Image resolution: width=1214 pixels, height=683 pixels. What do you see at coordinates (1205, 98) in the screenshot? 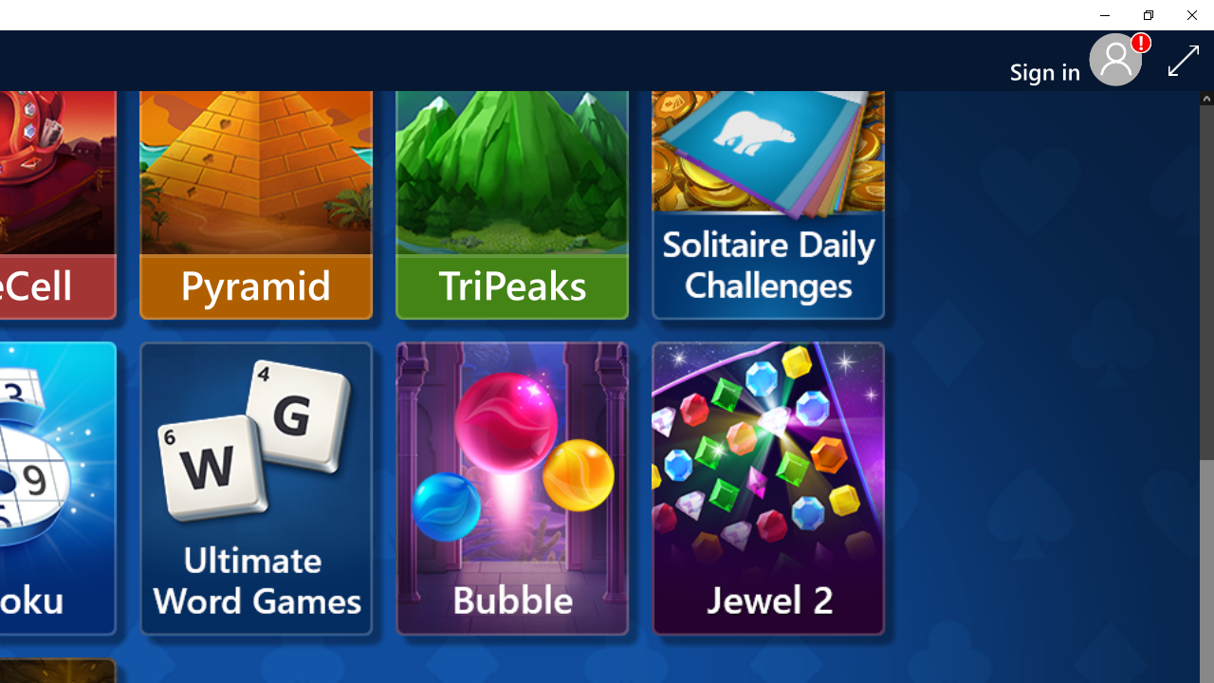
I see `'AutomationID: up_arrow_0'` at bounding box center [1205, 98].